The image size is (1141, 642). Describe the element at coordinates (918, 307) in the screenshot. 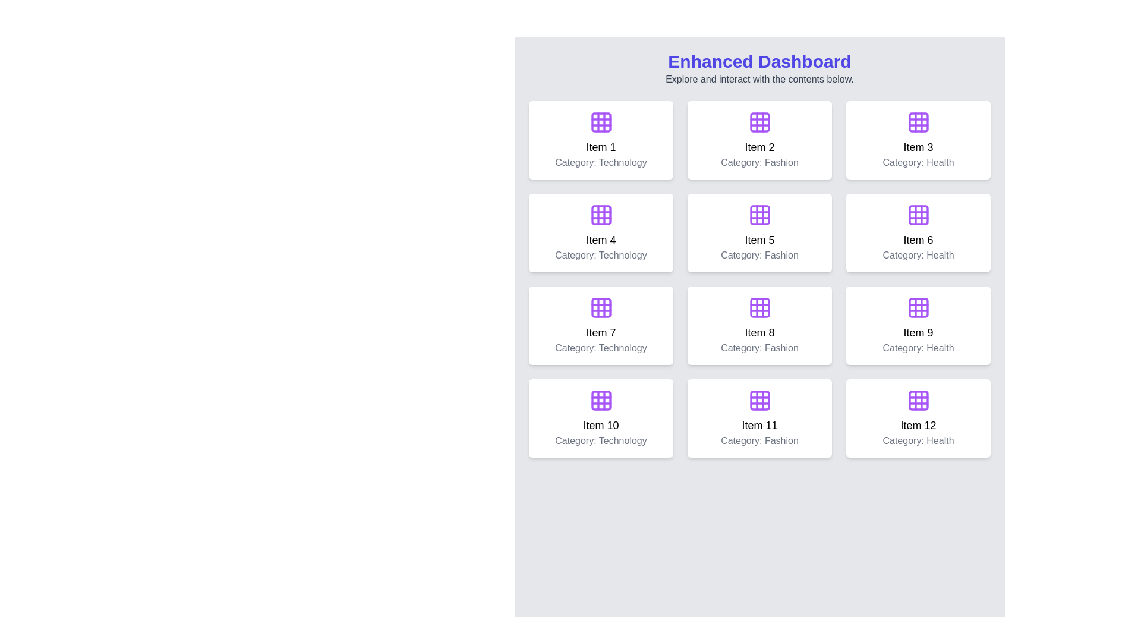

I see `square with rounded corners located at the center of the purple-themed 3x3 grid icon representing 'Item 9' under the 'Health' category` at that location.